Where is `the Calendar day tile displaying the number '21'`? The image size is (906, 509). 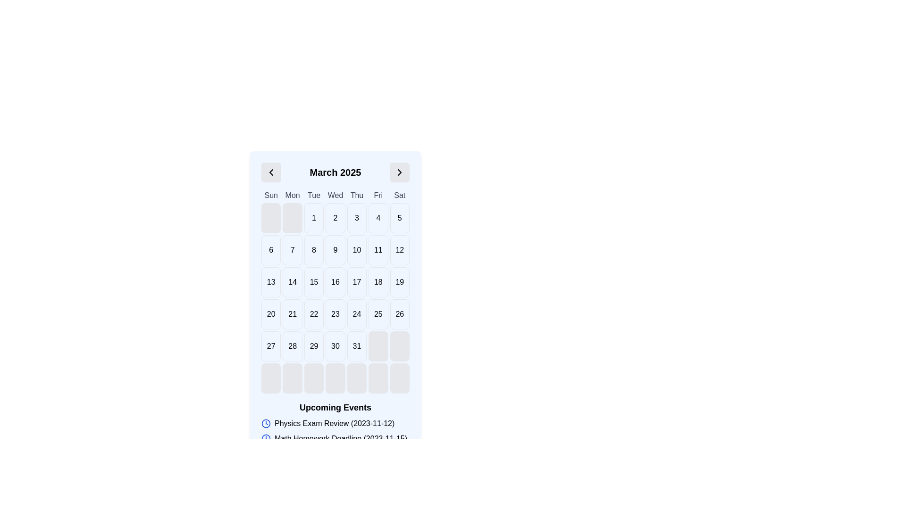 the Calendar day tile displaying the number '21' is located at coordinates (292, 314).